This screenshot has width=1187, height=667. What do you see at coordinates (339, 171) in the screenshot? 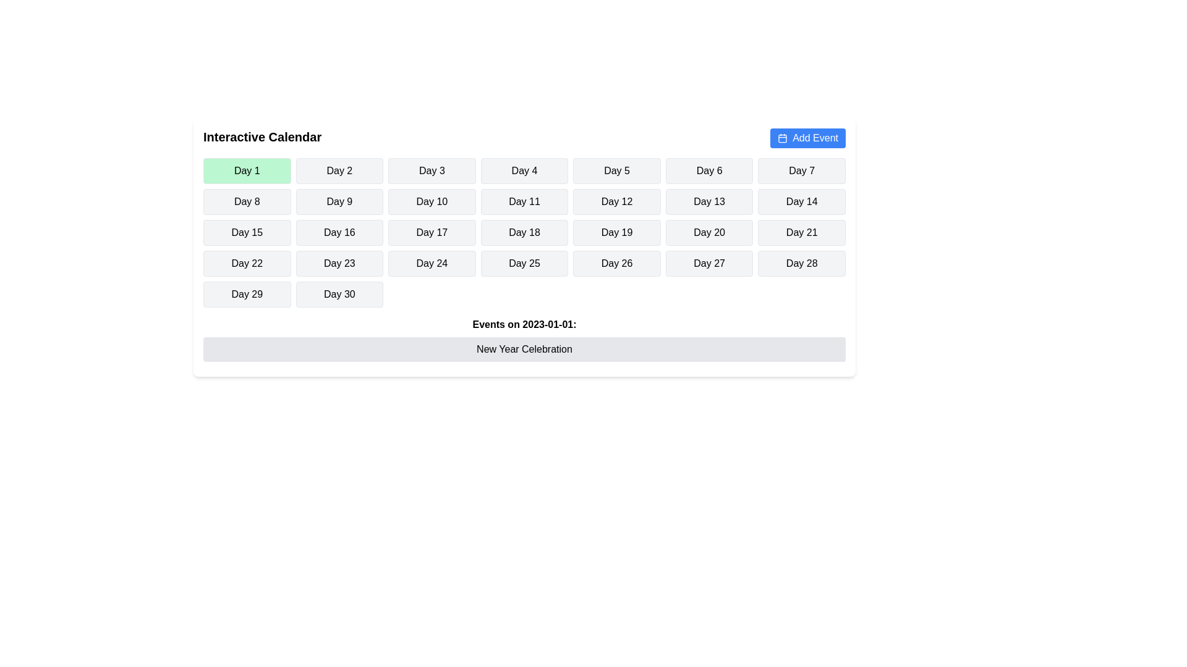
I see `the rectangular button labeled 'Day 2' with a light gray background and slightly rounded corners, located in the first row of a grid layout, second cell from the left` at bounding box center [339, 171].